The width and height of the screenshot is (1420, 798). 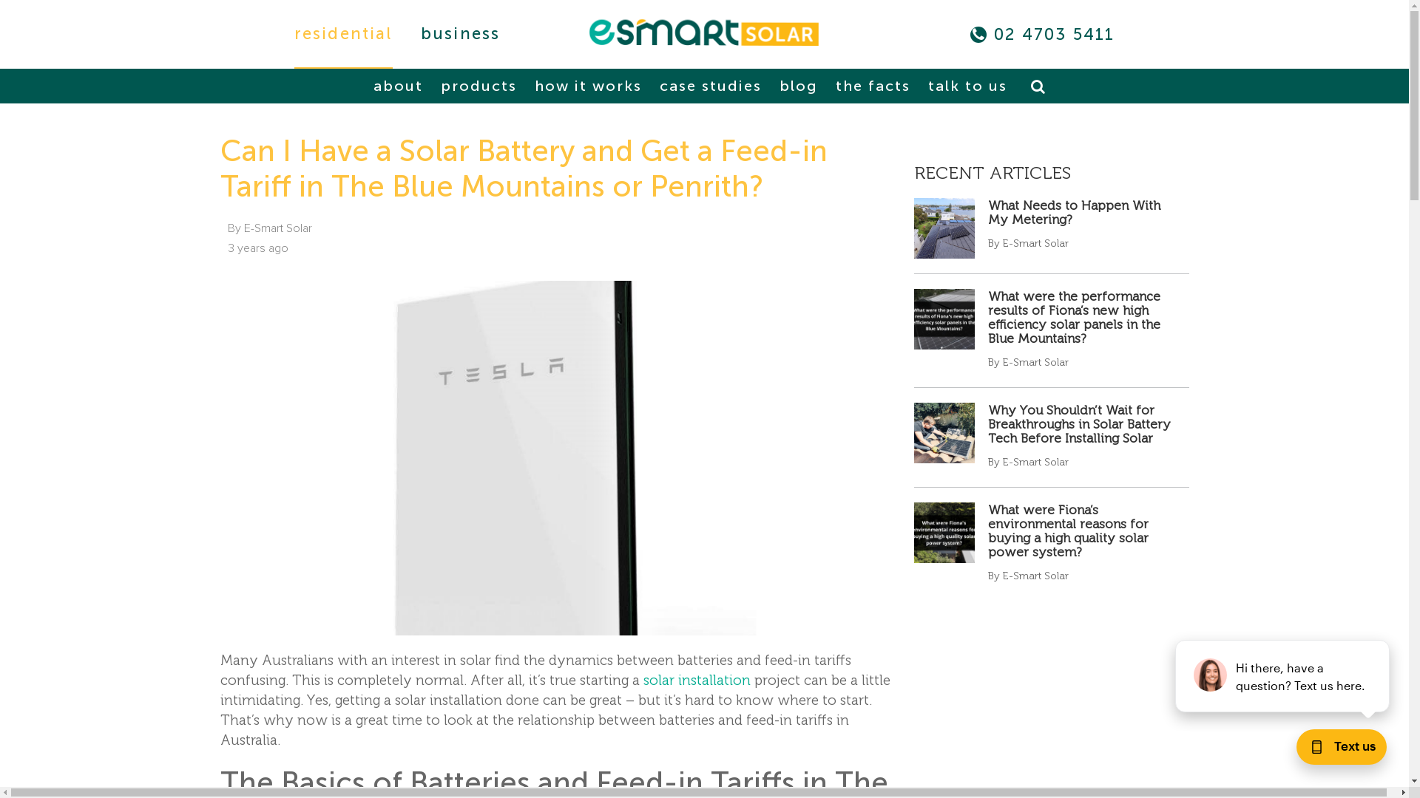 What do you see at coordinates (587, 86) in the screenshot?
I see `'how it works'` at bounding box center [587, 86].